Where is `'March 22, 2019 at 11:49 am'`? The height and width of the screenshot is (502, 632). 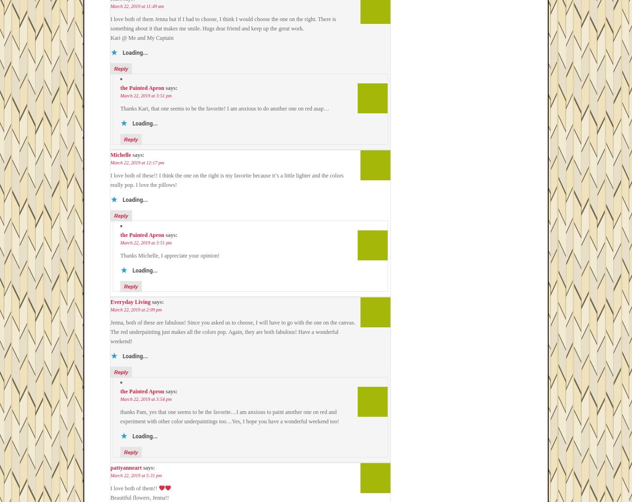 'March 22, 2019 at 11:49 am' is located at coordinates (136, 6).